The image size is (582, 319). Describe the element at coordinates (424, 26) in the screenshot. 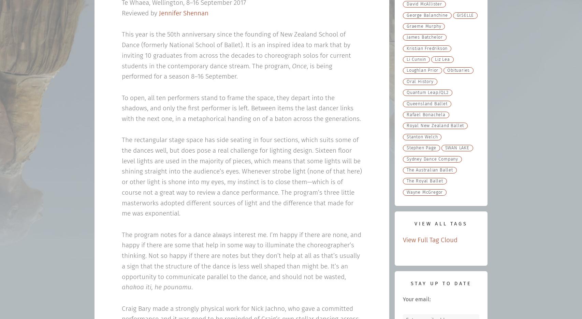

I see `'Graeme Murphy'` at that location.